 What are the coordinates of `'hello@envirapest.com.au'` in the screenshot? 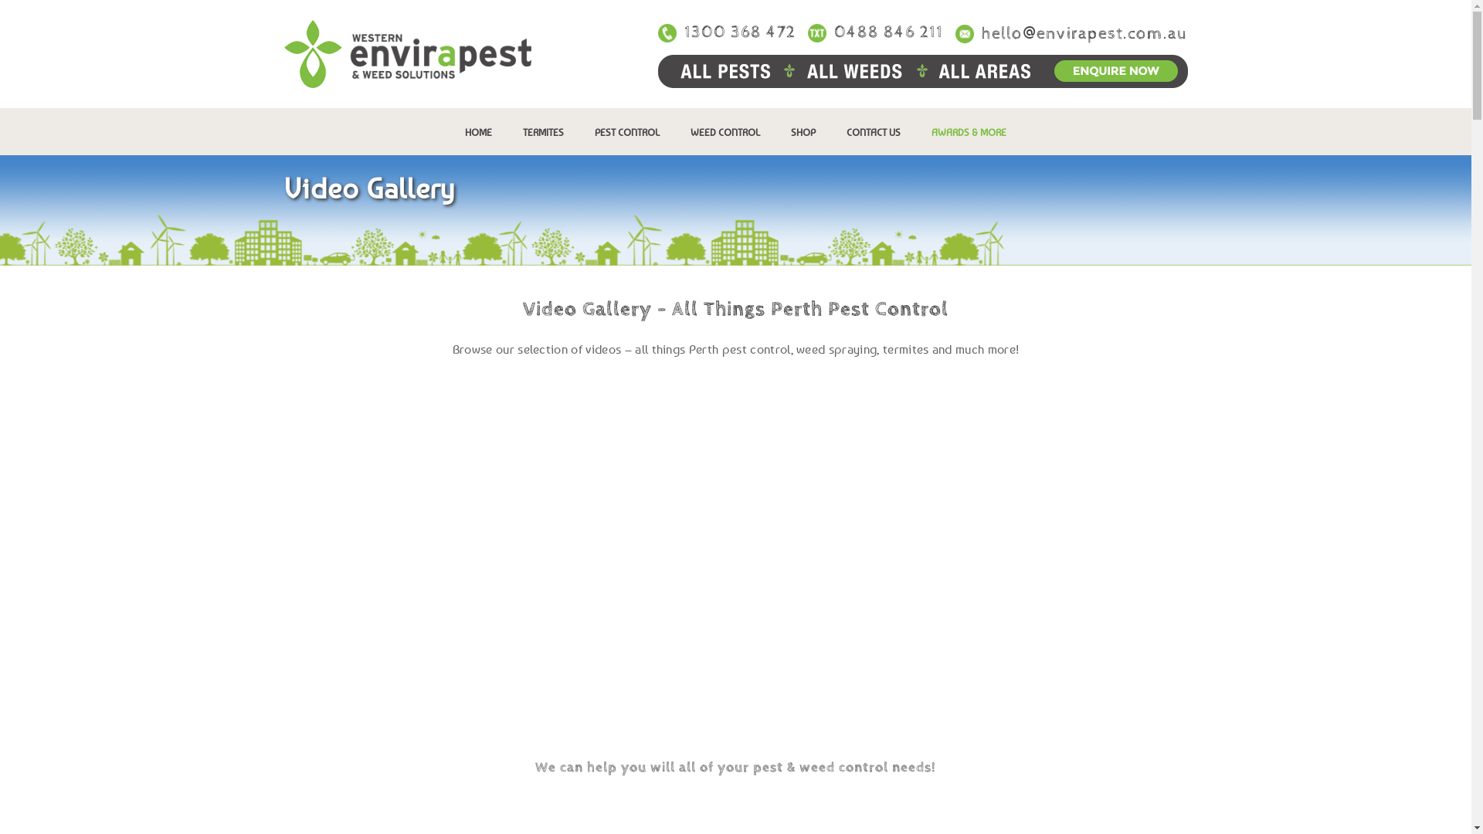 It's located at (1083, 33).